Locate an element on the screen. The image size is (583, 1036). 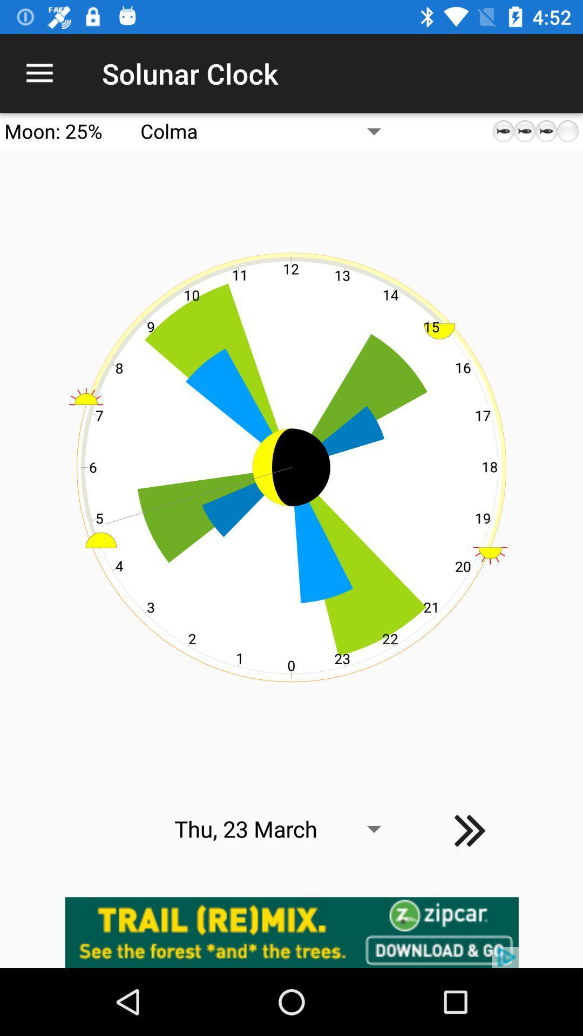
advertisement is located at coordinates (291, 932).